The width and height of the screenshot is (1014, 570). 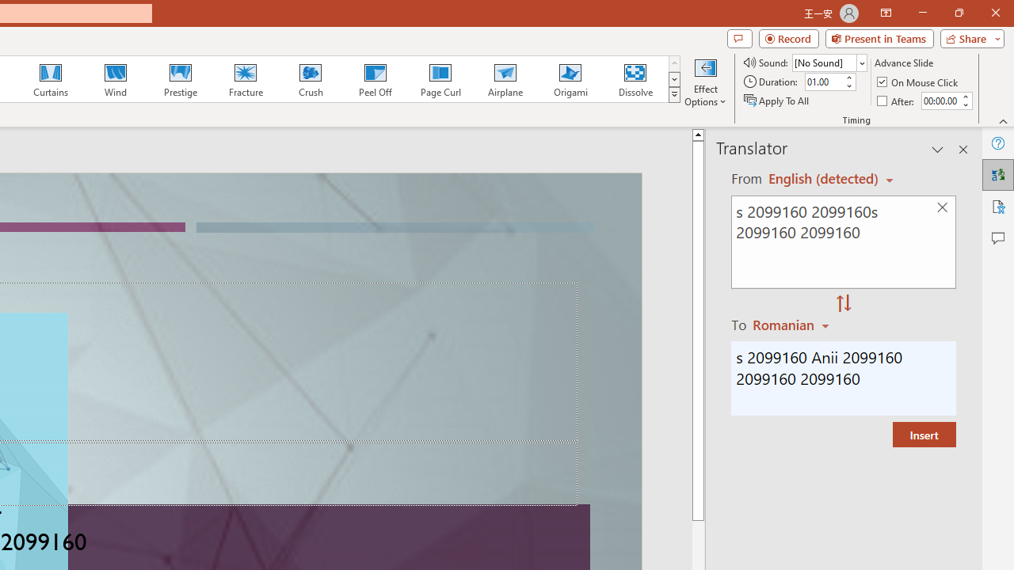 I want to click on 'Prestige', so click(x=180, y=79).